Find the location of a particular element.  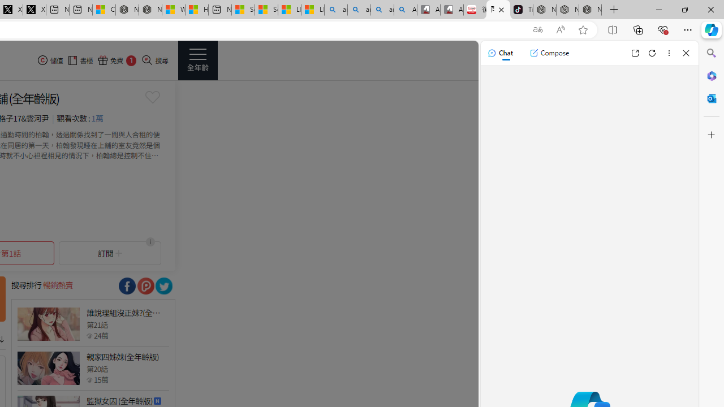

'amazon - Search Images' is located at coordinates (382, 10).